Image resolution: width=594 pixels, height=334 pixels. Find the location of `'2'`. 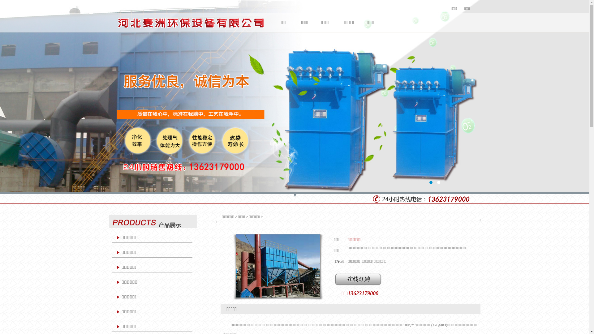

'2' is located at coordinates (438, 182).